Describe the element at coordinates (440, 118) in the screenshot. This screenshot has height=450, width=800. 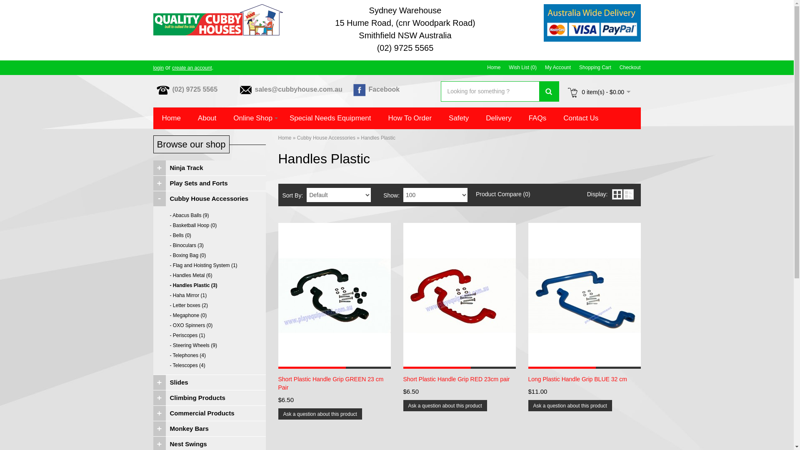
I see `'Safety'` at that location.